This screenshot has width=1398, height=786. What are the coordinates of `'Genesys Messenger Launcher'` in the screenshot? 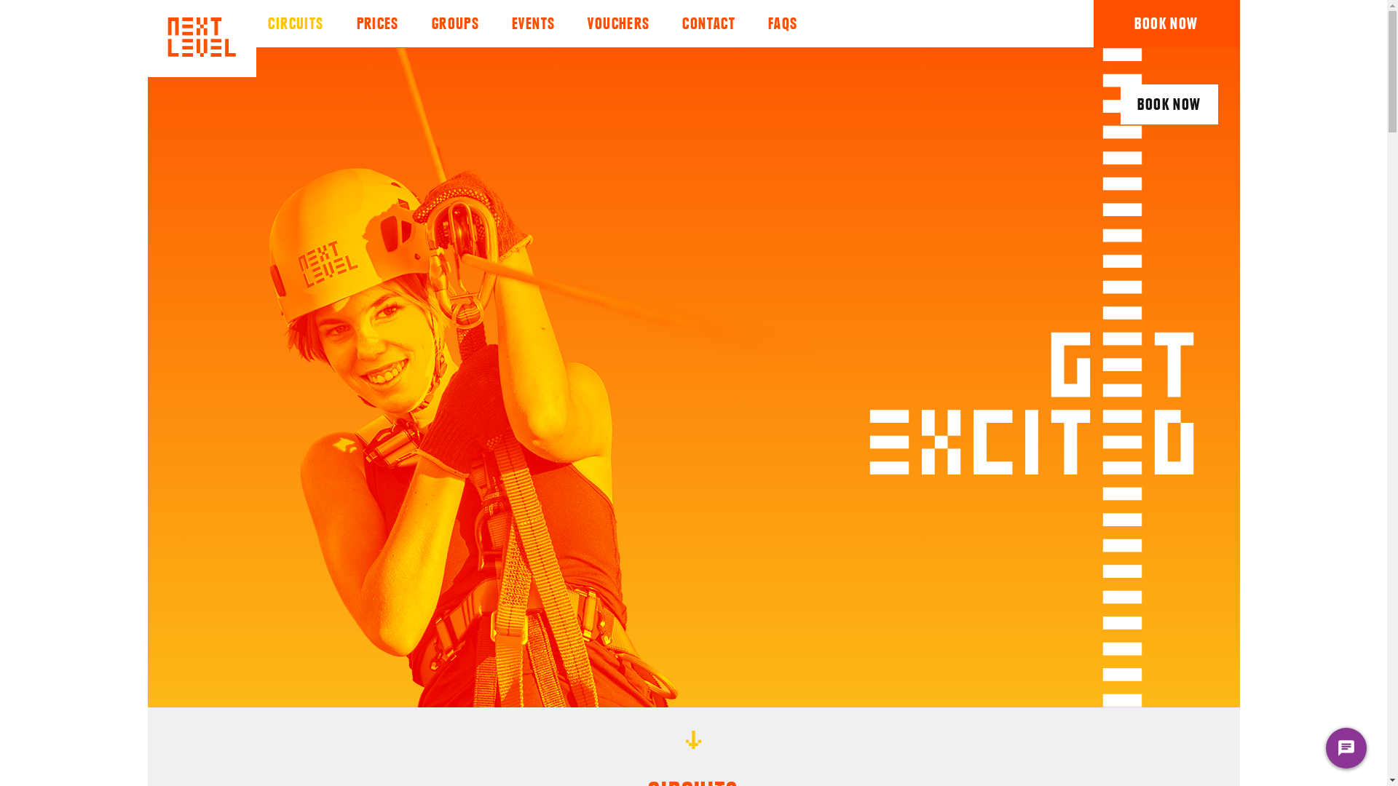 It's located at (1345, 751).